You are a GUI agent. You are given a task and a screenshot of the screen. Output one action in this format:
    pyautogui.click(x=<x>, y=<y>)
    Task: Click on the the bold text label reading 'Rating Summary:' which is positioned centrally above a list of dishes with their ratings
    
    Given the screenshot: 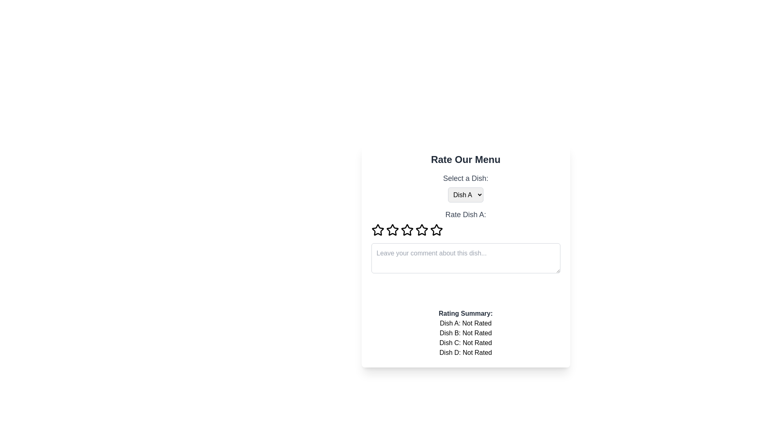 What is the action you would take?
    pyautogui.click(x=466, y=313)
    